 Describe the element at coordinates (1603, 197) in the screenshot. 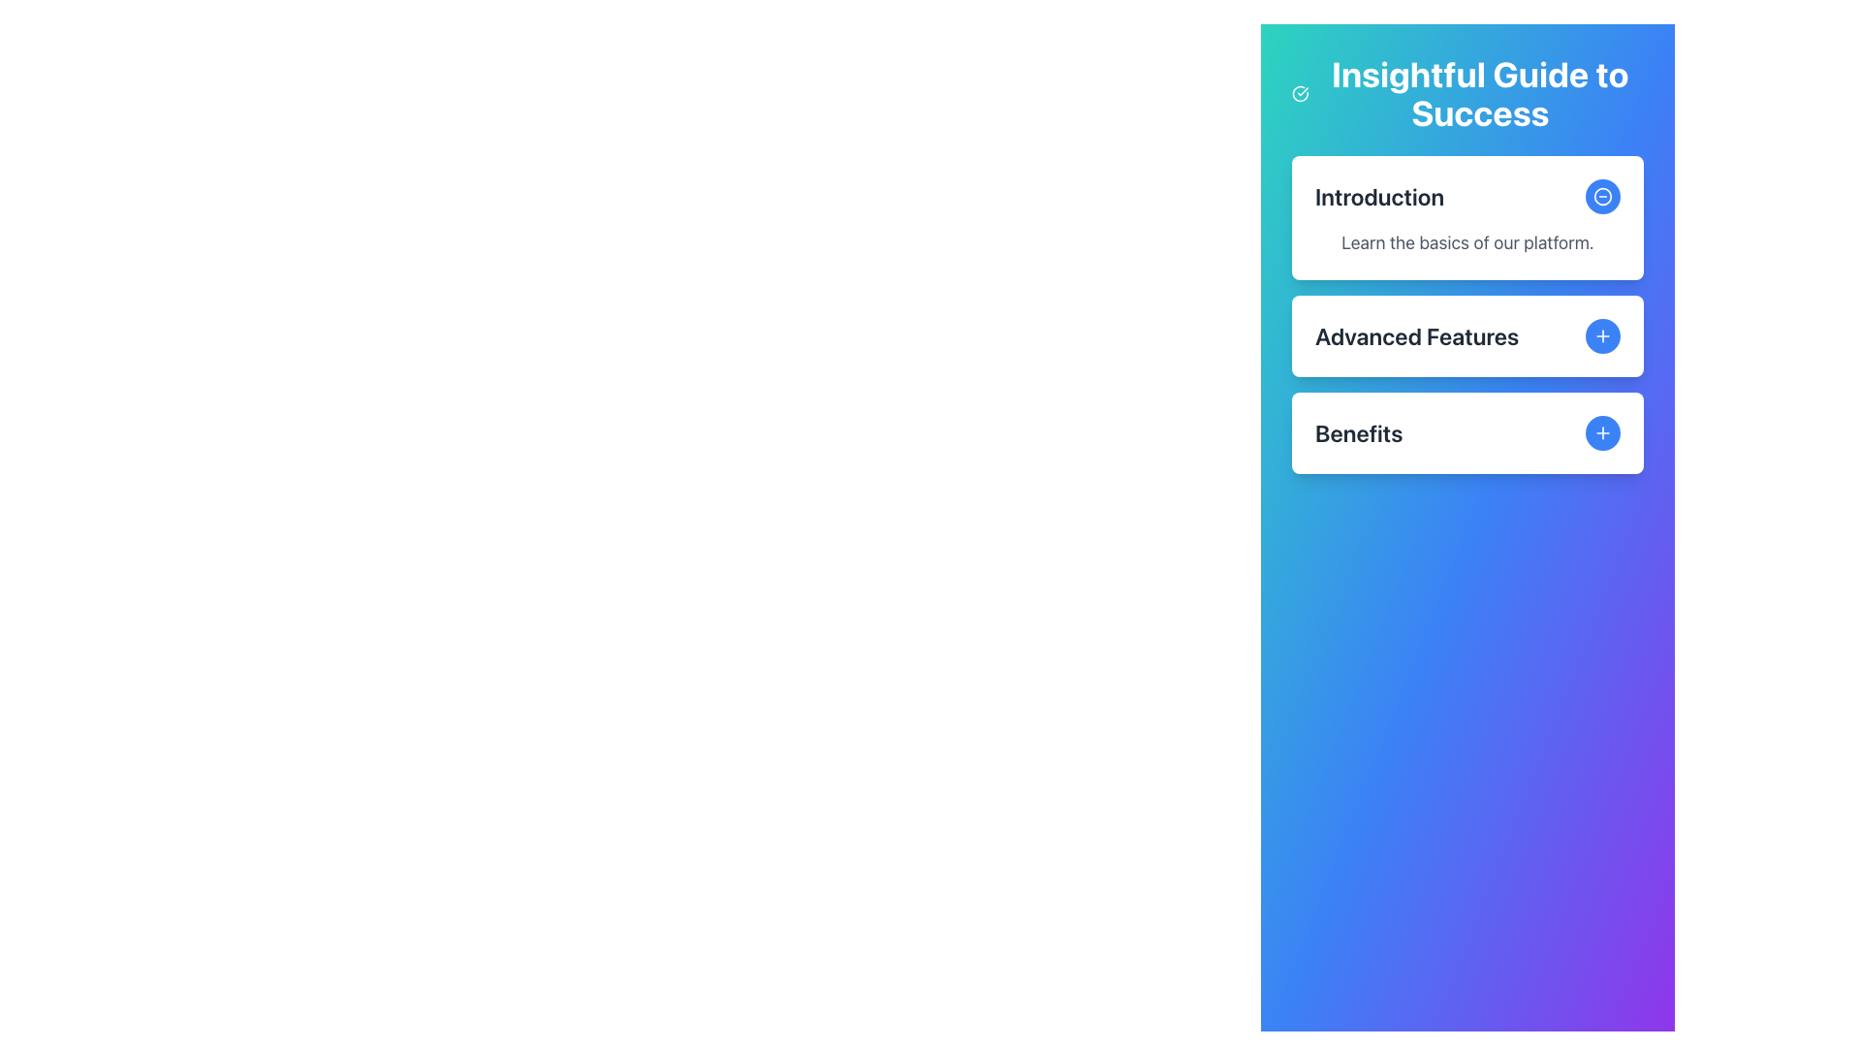

I see `the button that collapses or hides content related to the 'Introduction' section, located to the right of the 'Introduction' text in the first card` at that location.